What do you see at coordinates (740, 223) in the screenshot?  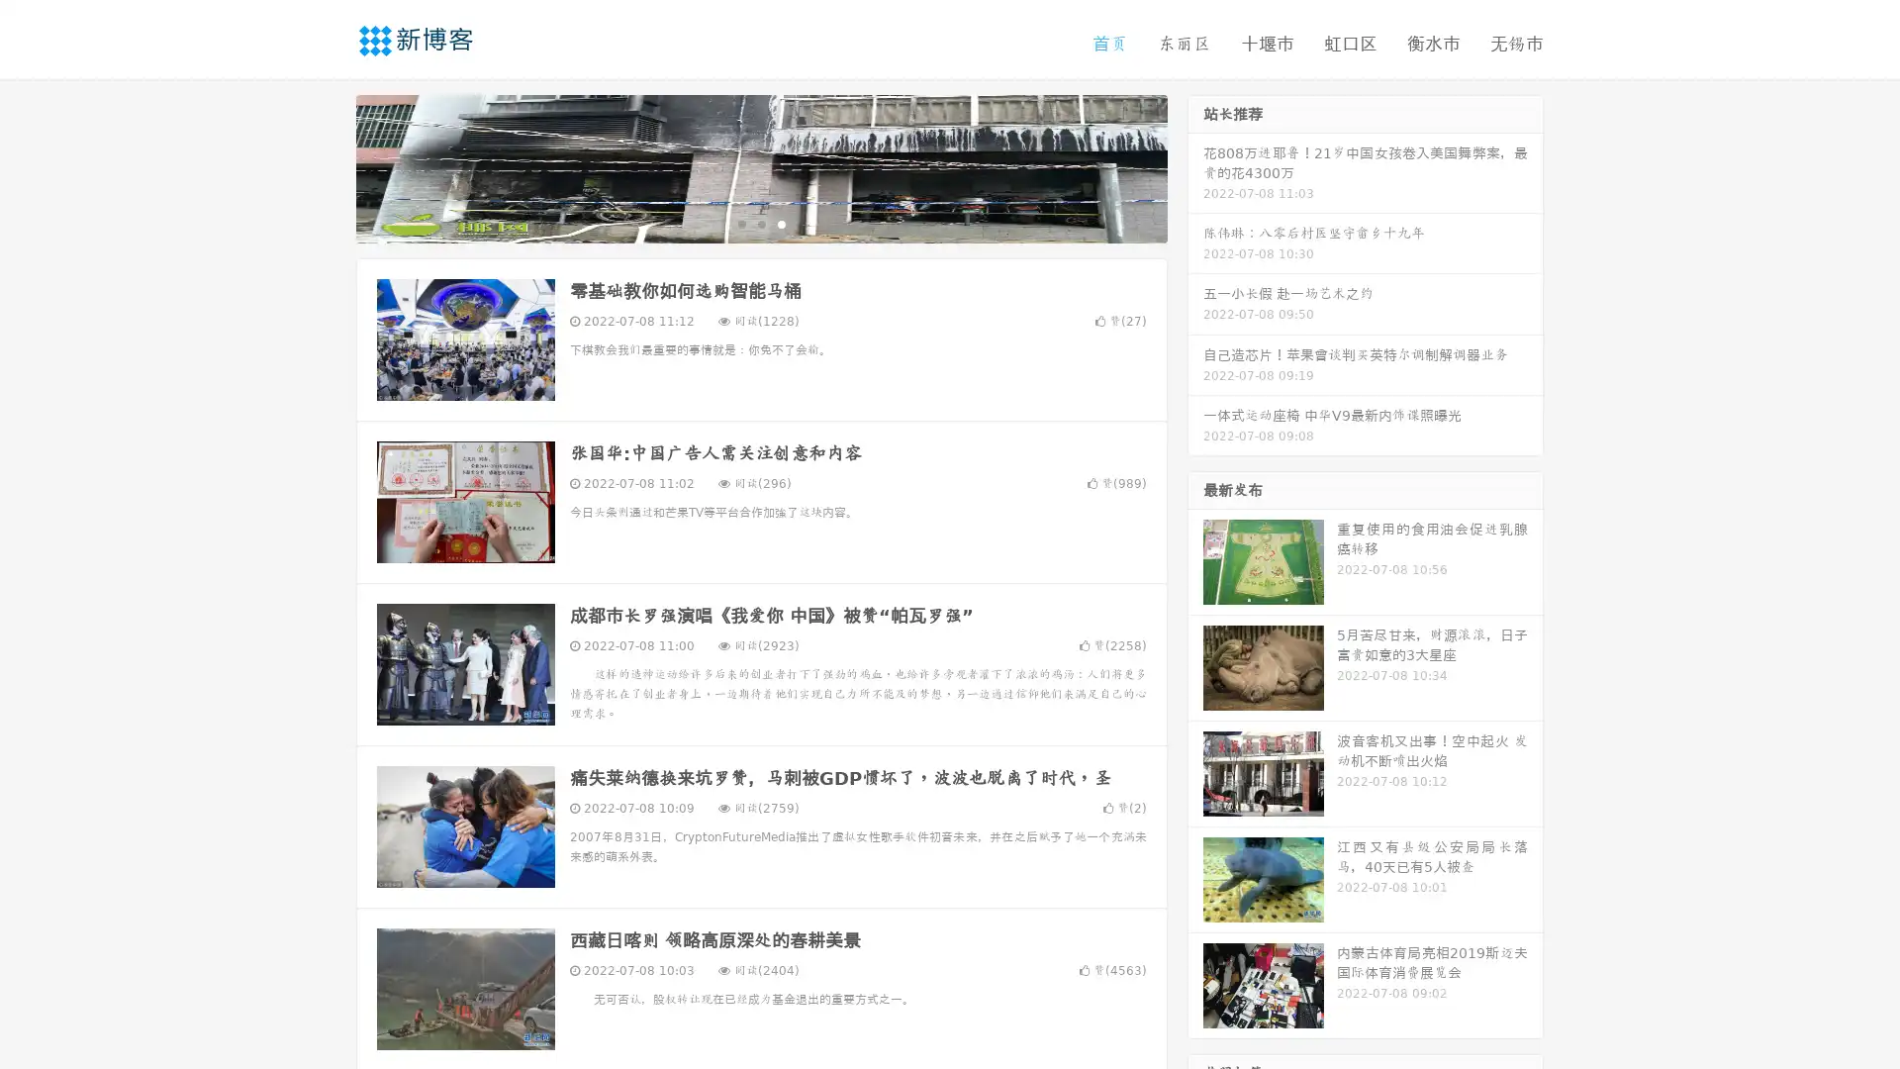 I see `Go to slide 1` at bounding box center [740, 223].